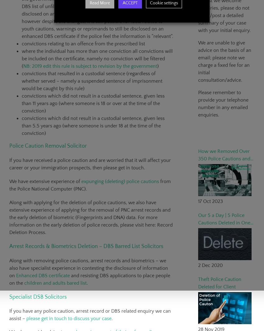  I want to click on 'If you have any police caution, arrest record or DBS related enquiry we can assist –', so click(90, 315).